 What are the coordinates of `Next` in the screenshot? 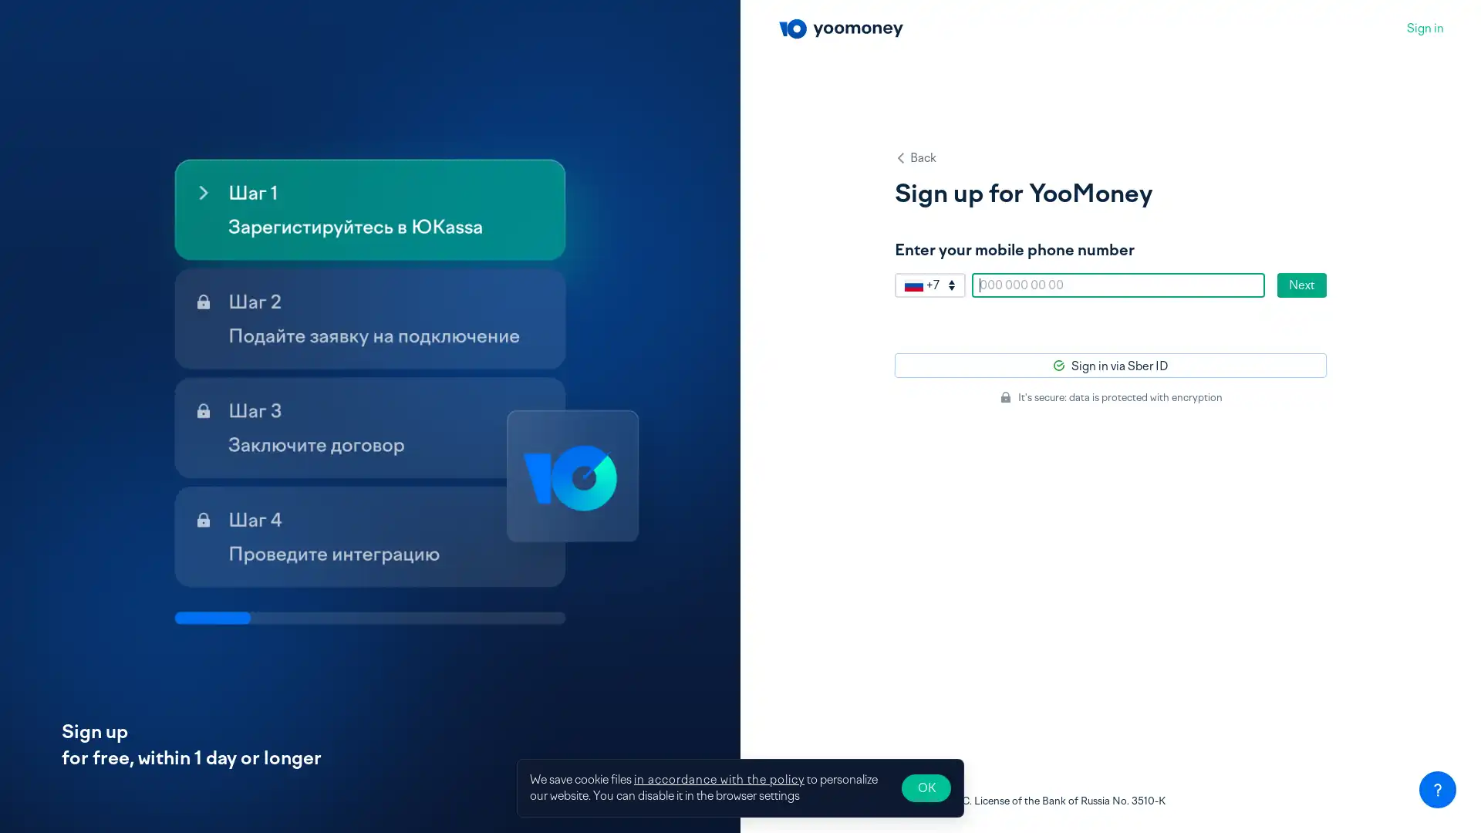 It's located at (1301, 285).